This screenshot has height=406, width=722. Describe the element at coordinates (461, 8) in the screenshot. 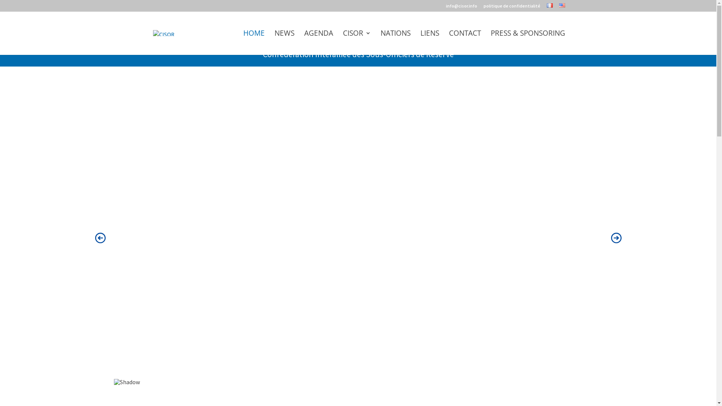

I see `'info@cisor.info'` at that location.